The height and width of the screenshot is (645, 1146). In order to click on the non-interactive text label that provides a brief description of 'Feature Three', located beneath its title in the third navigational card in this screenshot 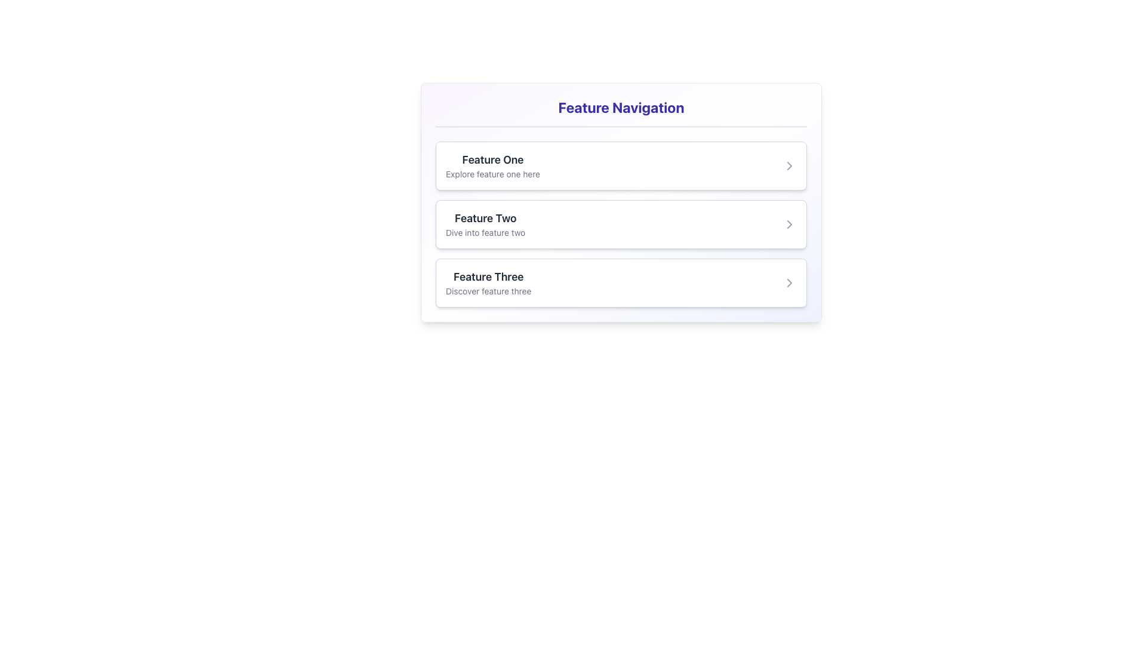, I will do `click(488, 291)`.